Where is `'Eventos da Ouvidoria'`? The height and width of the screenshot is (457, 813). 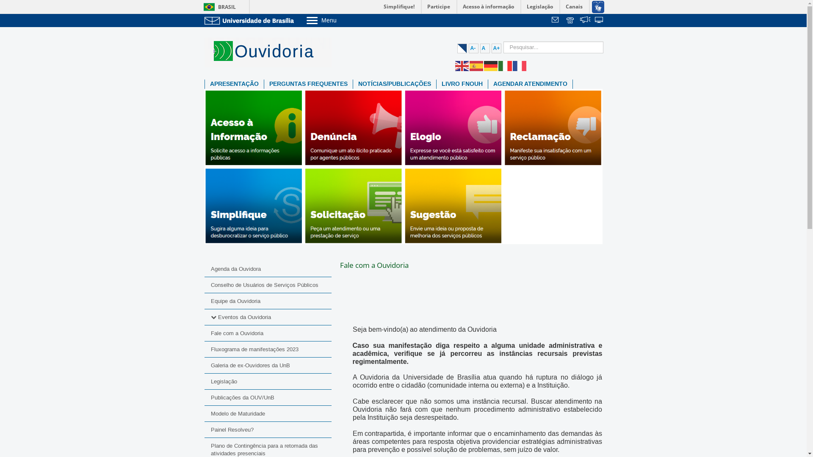
'Eventos da Ouvidoria' is located at coordinates (243, 317).